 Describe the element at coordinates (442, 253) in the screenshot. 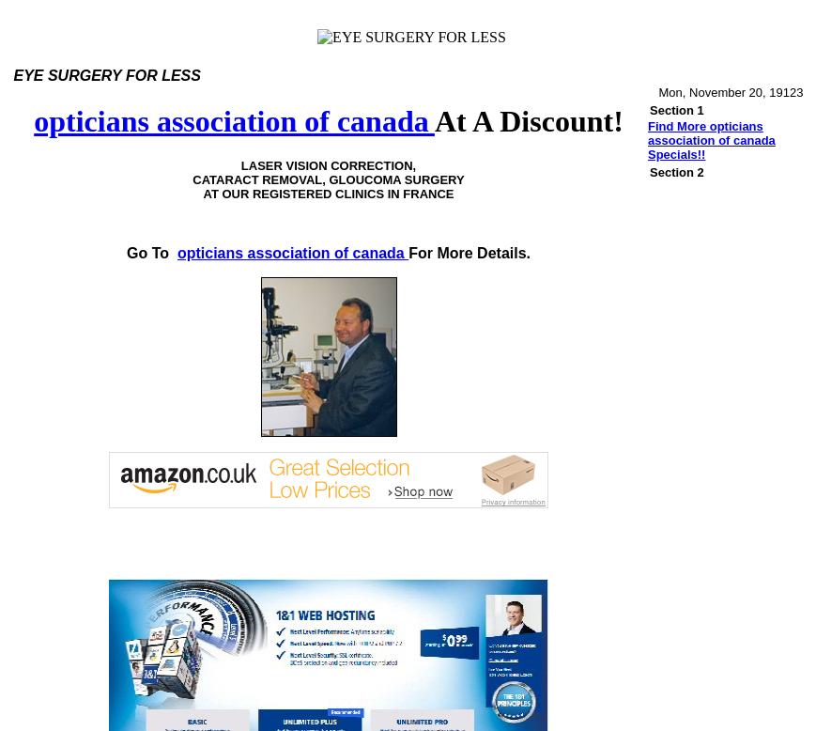

I see `'For 
								  More'` at that location.